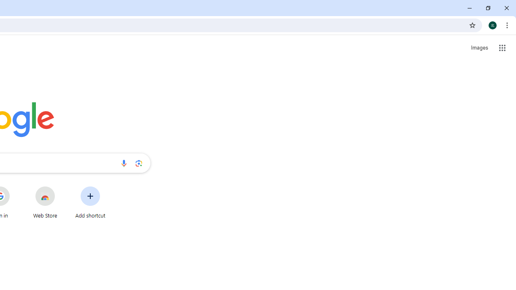 The image size is (516, 290). Describe the element at coordinates (16, 187) in the screenshot. I see `'More actions for Sign in shortcut'` at that location.